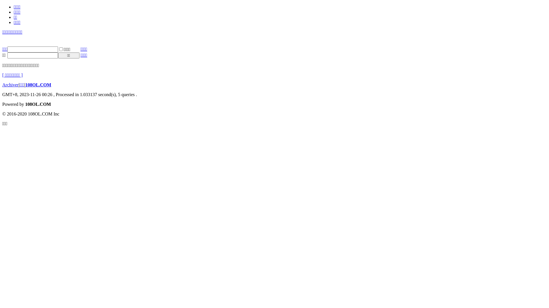 This screenshot has width=549, height=308. What do you see at coordinates (38, 85) in the screenshot?
I see `'108OL.COM'` at bounding box center [38, 85].